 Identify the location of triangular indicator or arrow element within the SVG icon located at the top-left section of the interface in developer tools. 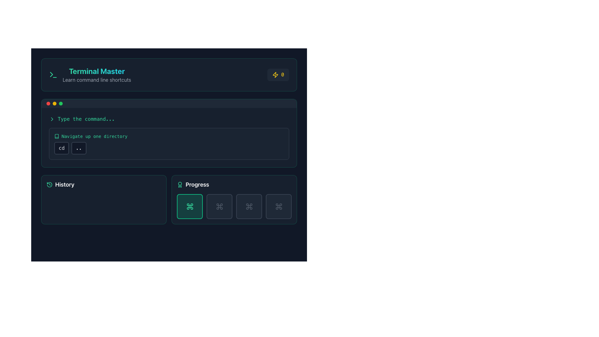
(51, 74).